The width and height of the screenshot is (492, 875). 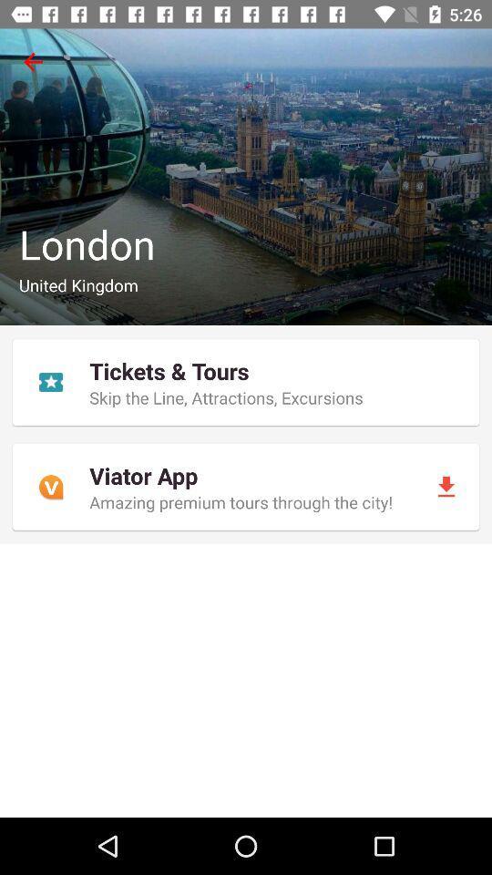 I want to click on the icon above the london, so click(x=33, y=62).